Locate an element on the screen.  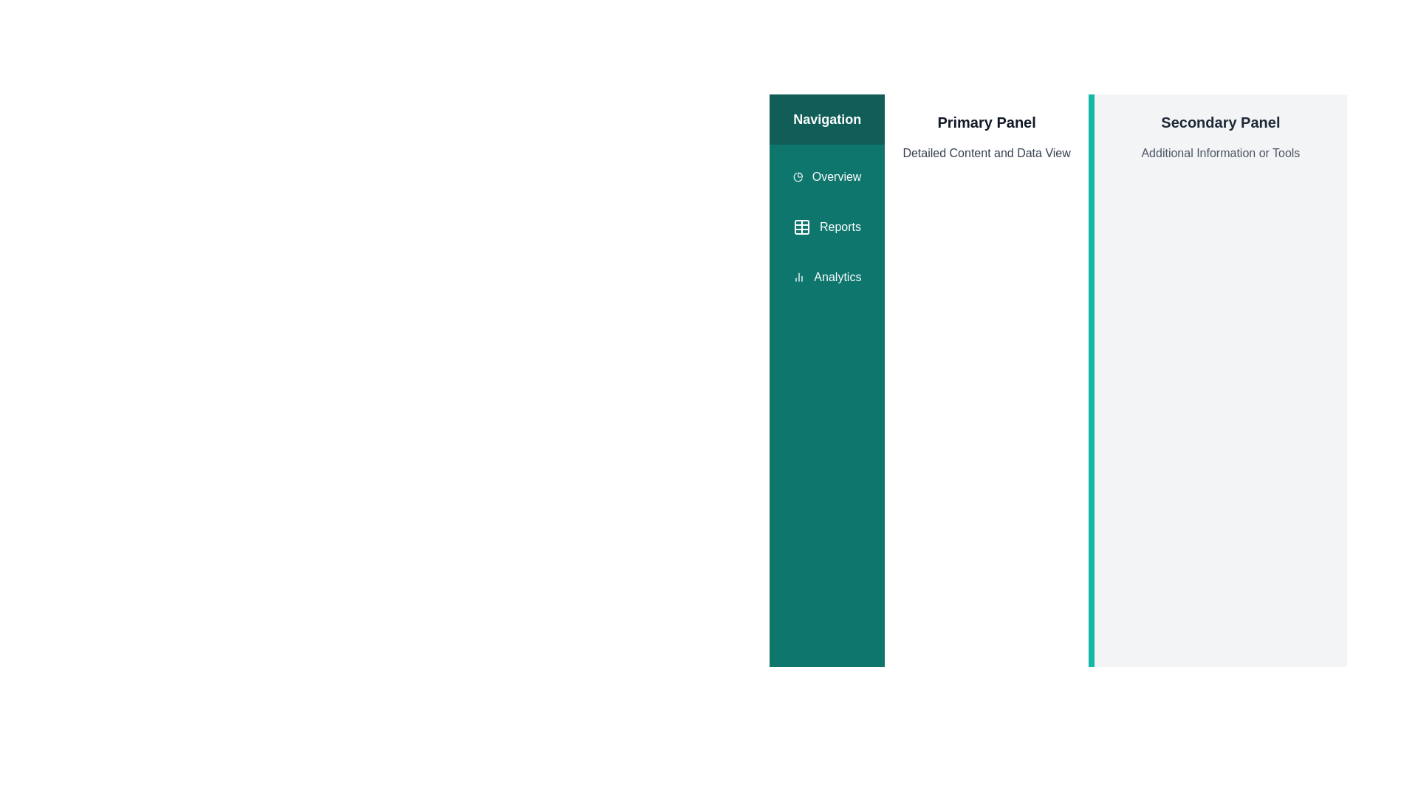
the heading or title element located at the top of the 'Secondary Panel' section, positioned above the text 'Additional Information or Tools' and aligned towards the upper right corner of the interface is located at coordinates (1220, 121).